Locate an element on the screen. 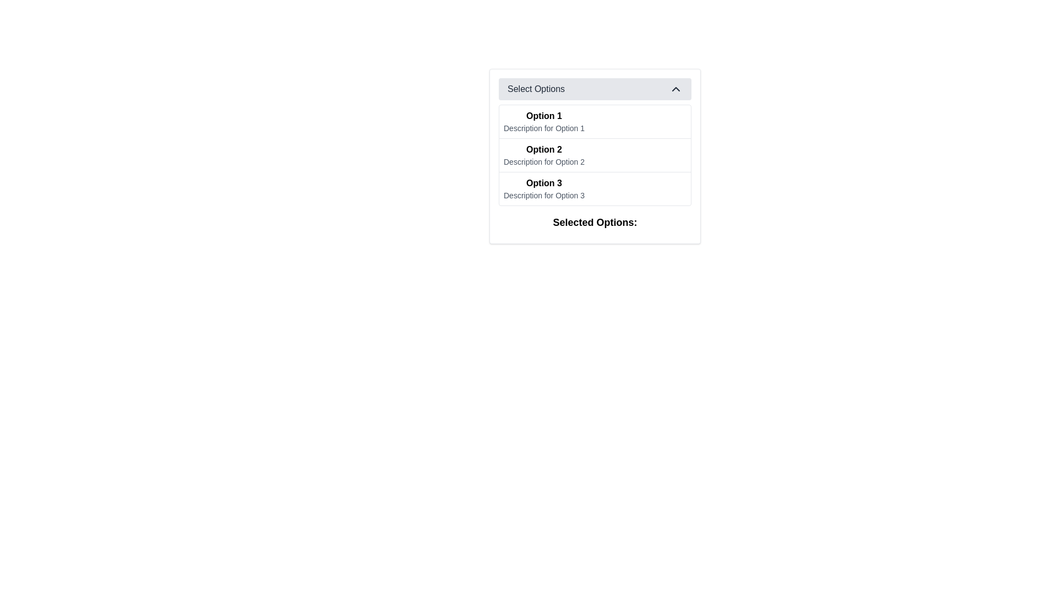 The image size is (1057, 595). the label displaying 'Description for Option 2' located below the 'Option 2' label in a vertical list of options is located at coordinates (544, 161).